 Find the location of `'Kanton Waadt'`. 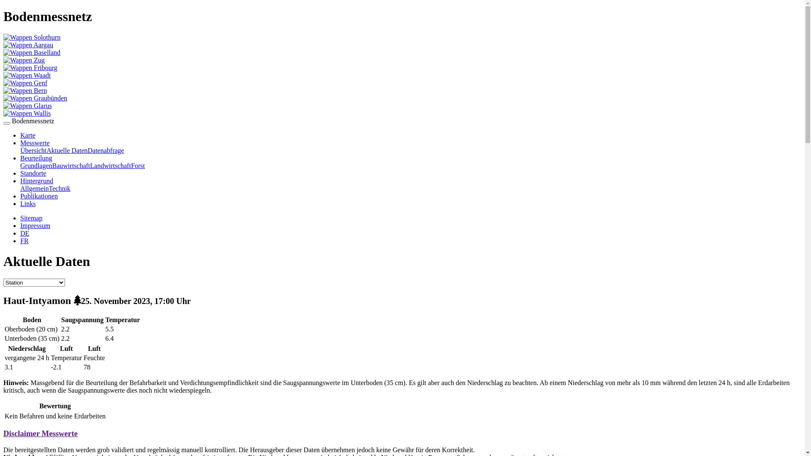

'Kanton Waadt' is located at coordinates (27, 75).